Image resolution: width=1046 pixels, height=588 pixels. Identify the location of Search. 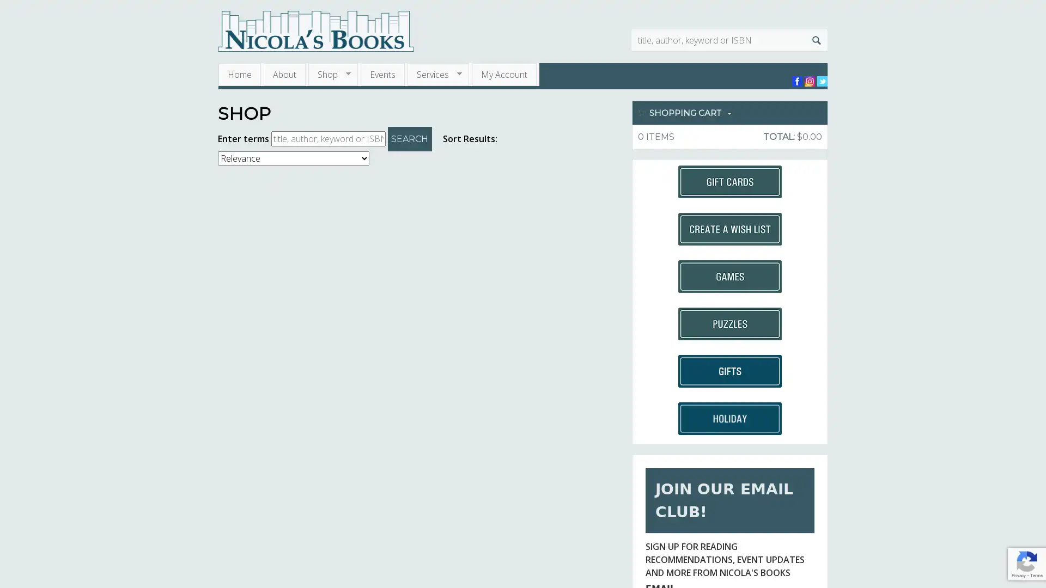
(409, 138).